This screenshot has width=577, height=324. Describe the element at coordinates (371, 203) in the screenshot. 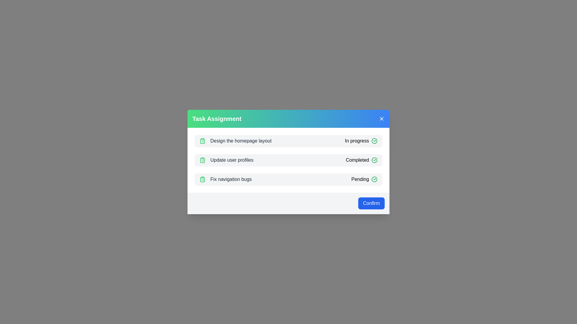

I see `the 'Confirm' button with a blue background and white text located in the bottom-right corner of the 'Task Assignment' modal` at that location.